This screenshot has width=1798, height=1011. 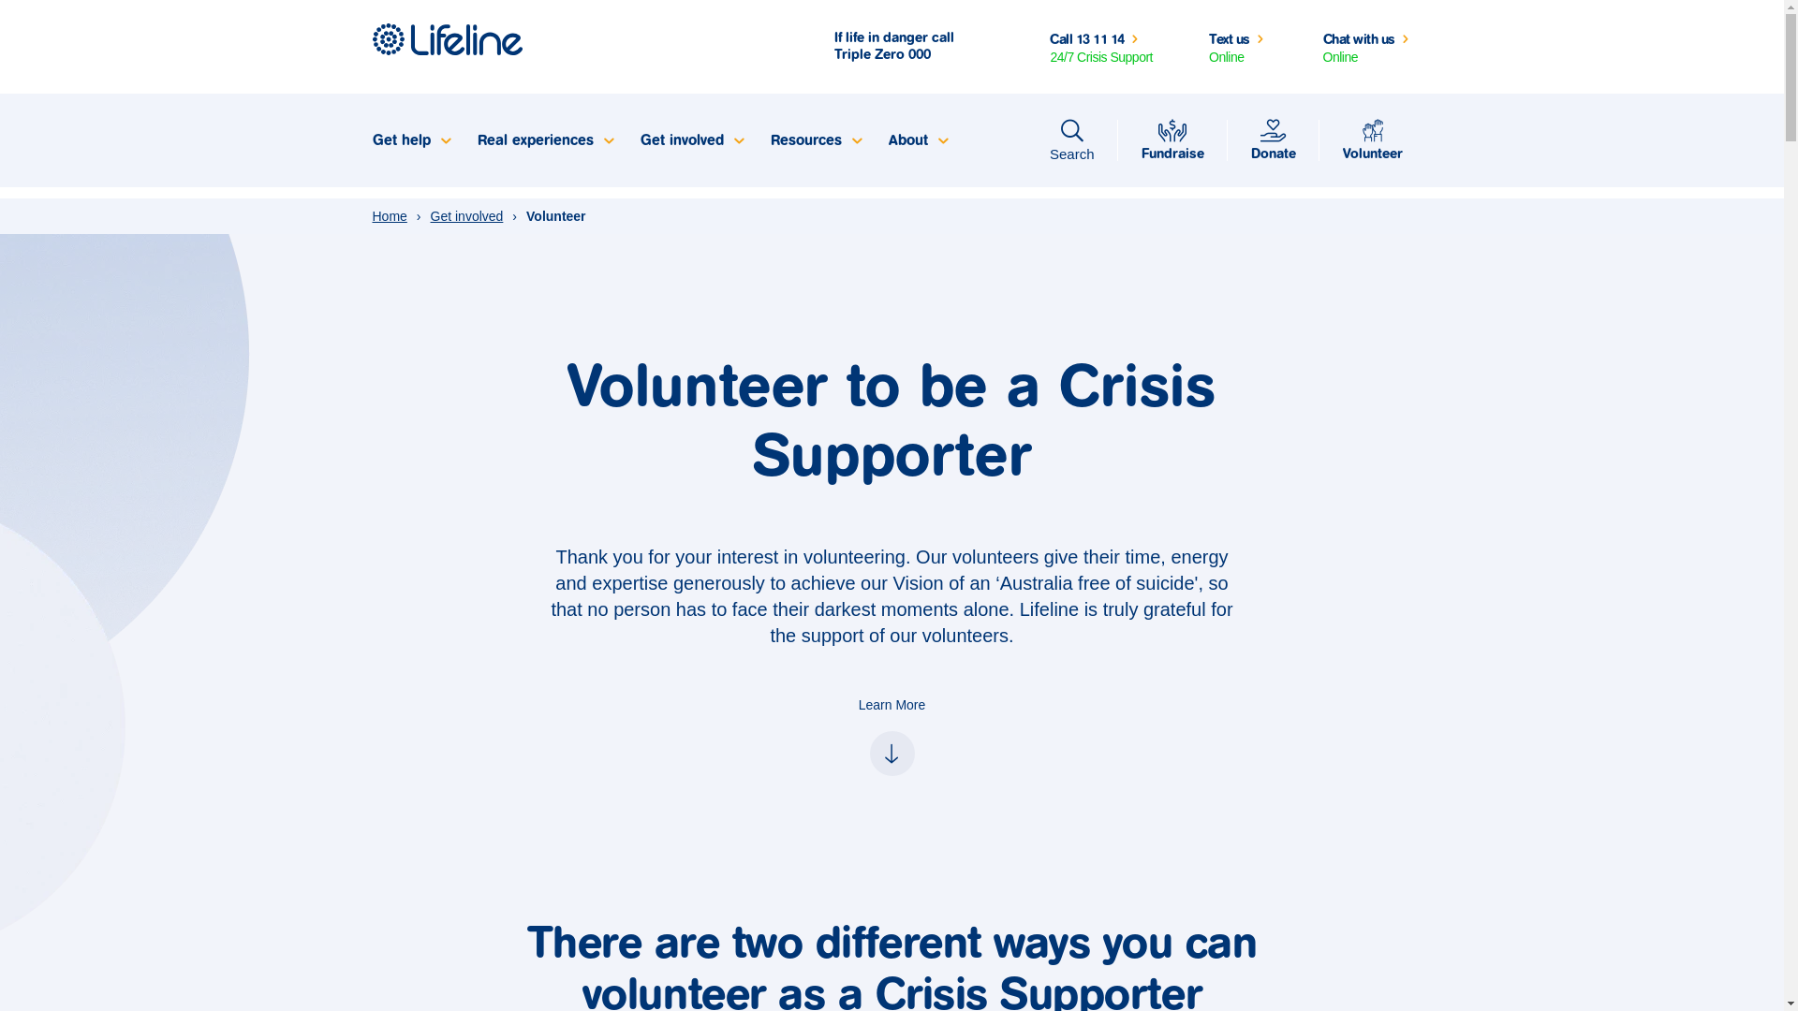 I want to click on 'Get help', so click(x=358, y=139).